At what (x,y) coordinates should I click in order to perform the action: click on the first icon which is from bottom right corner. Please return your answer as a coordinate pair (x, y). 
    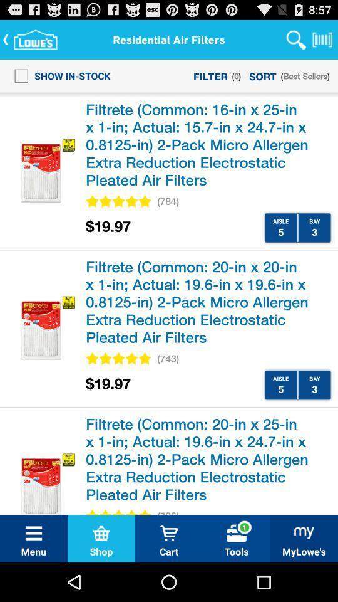
    Looking at the image, I should click on (304, 532).